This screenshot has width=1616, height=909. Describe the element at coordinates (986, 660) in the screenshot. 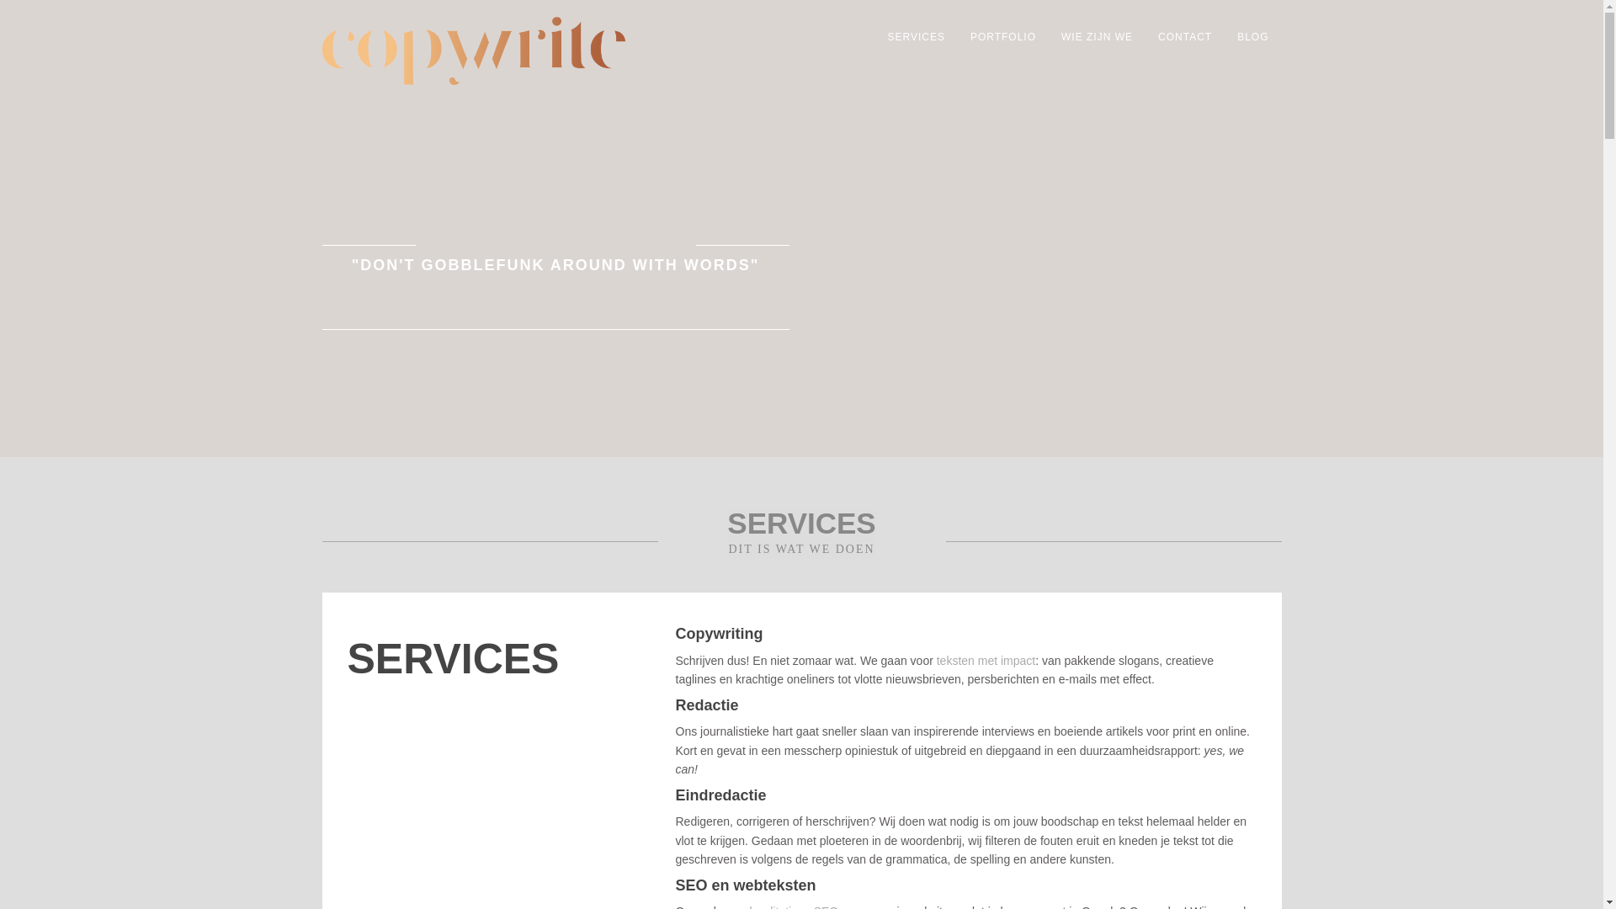

I see `'teksten met impact'` at that location.